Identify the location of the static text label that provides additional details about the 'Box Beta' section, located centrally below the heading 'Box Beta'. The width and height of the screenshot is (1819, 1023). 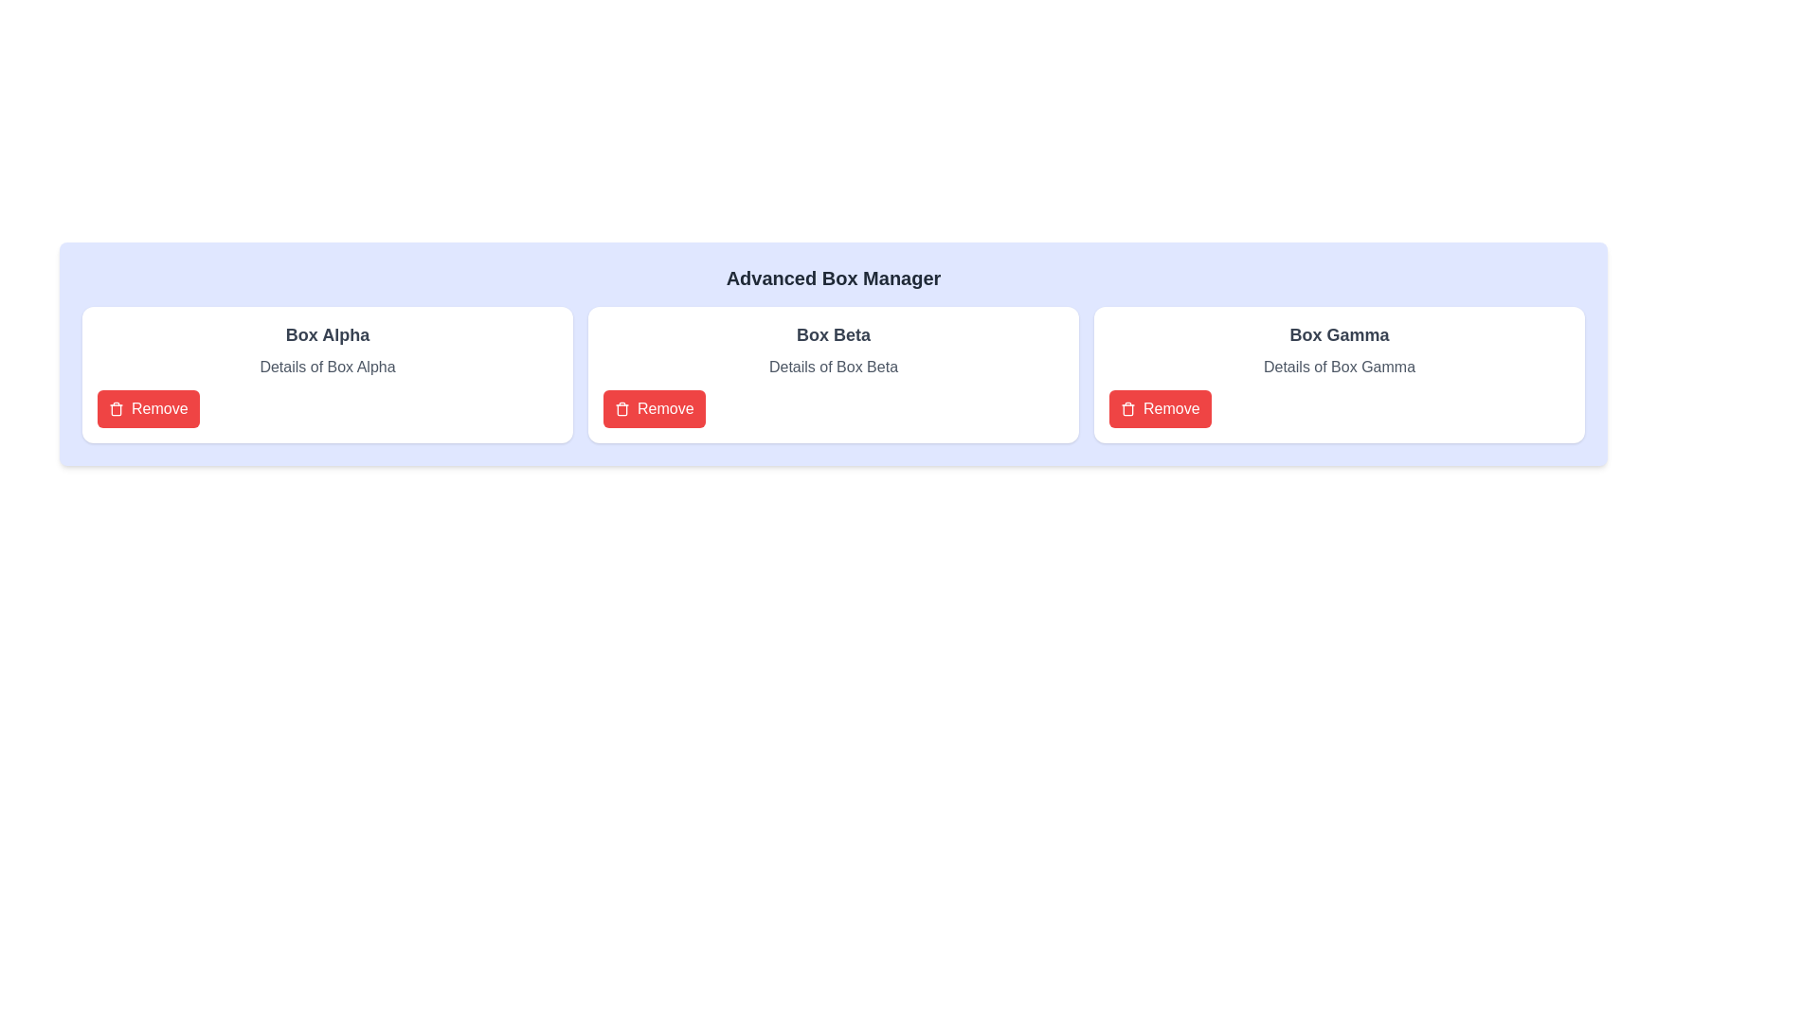
(833, 368).